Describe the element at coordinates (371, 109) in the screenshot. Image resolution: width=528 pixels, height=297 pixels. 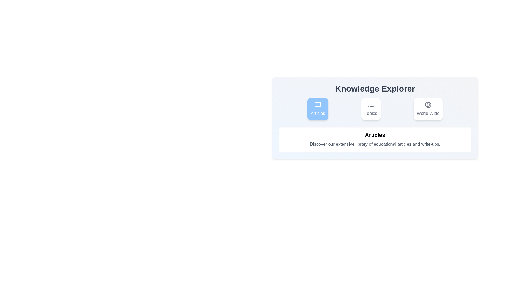
I see `the tab labeled Topics and read its content` at that location.